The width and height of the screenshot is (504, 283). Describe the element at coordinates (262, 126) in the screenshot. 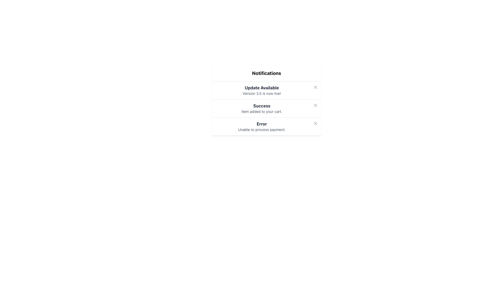

I see `message displayed in the error notification card, which states 'Unable to process payment.'` at that location.